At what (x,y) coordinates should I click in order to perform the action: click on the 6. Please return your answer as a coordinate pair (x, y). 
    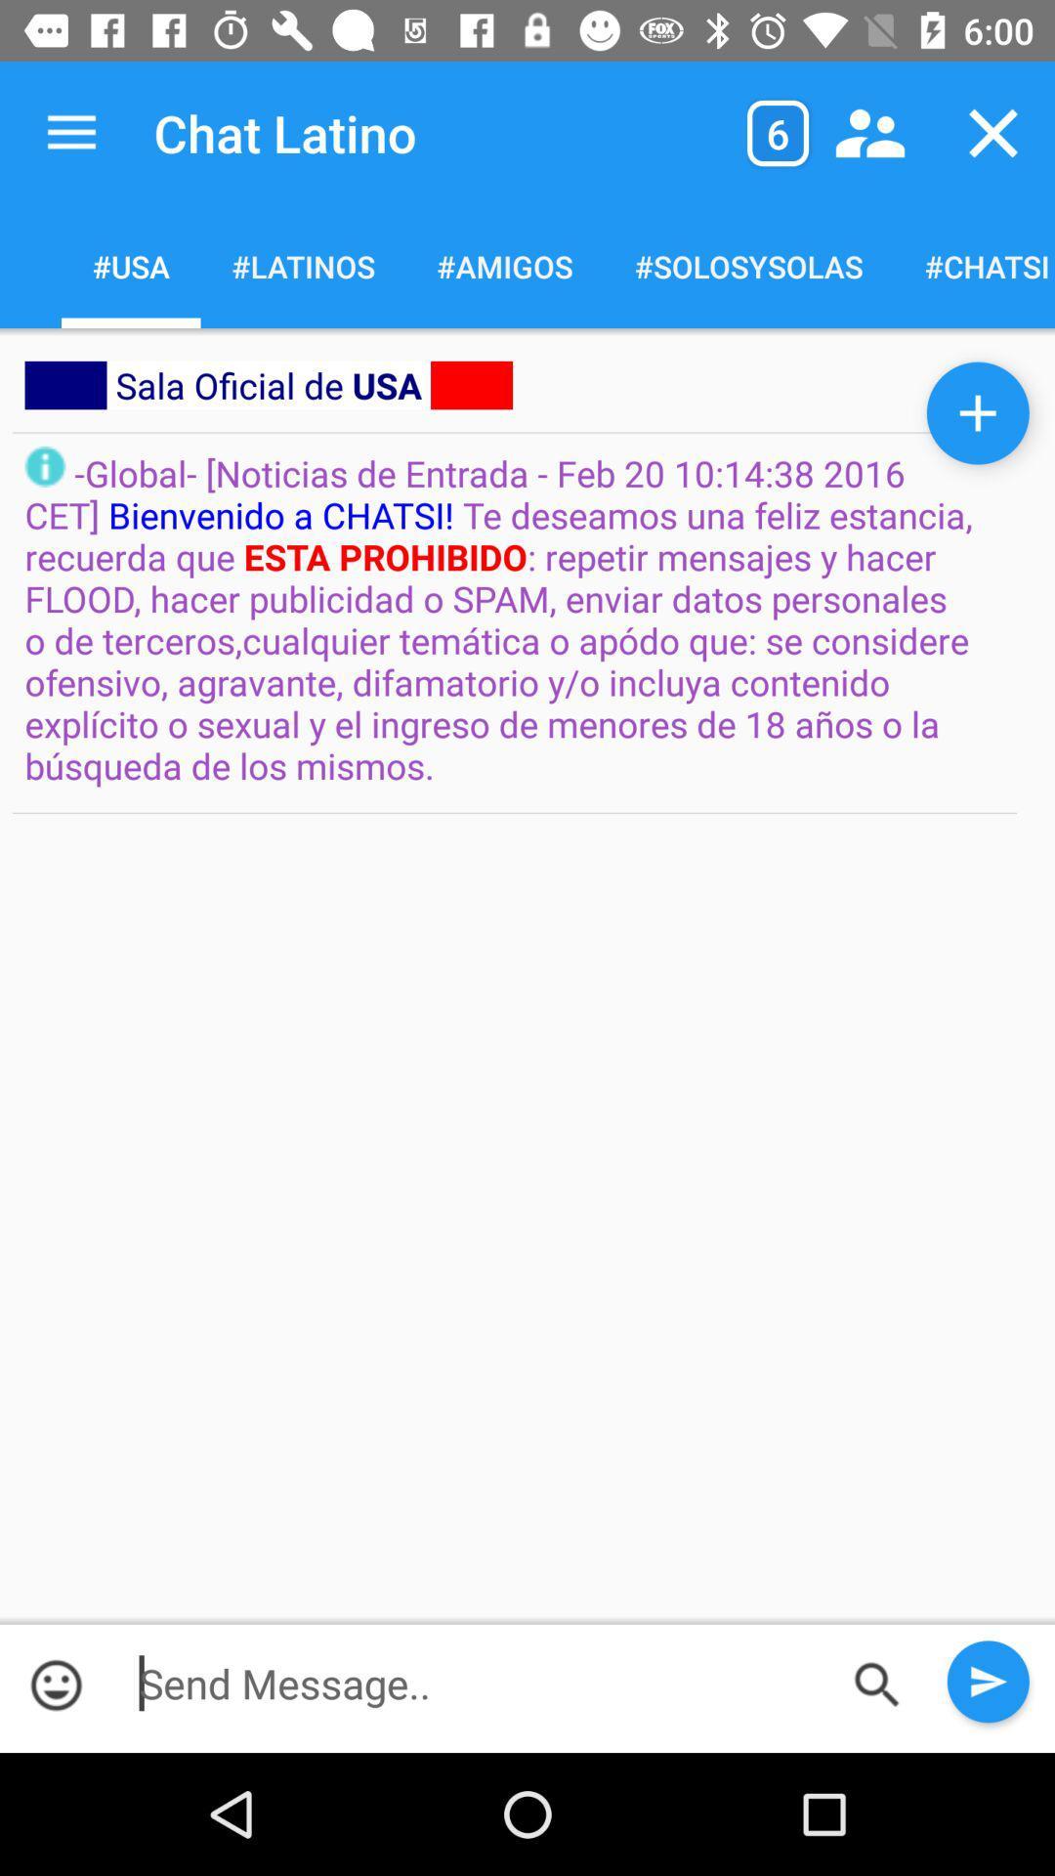
    Looking at the image, I should click on (777, 132).